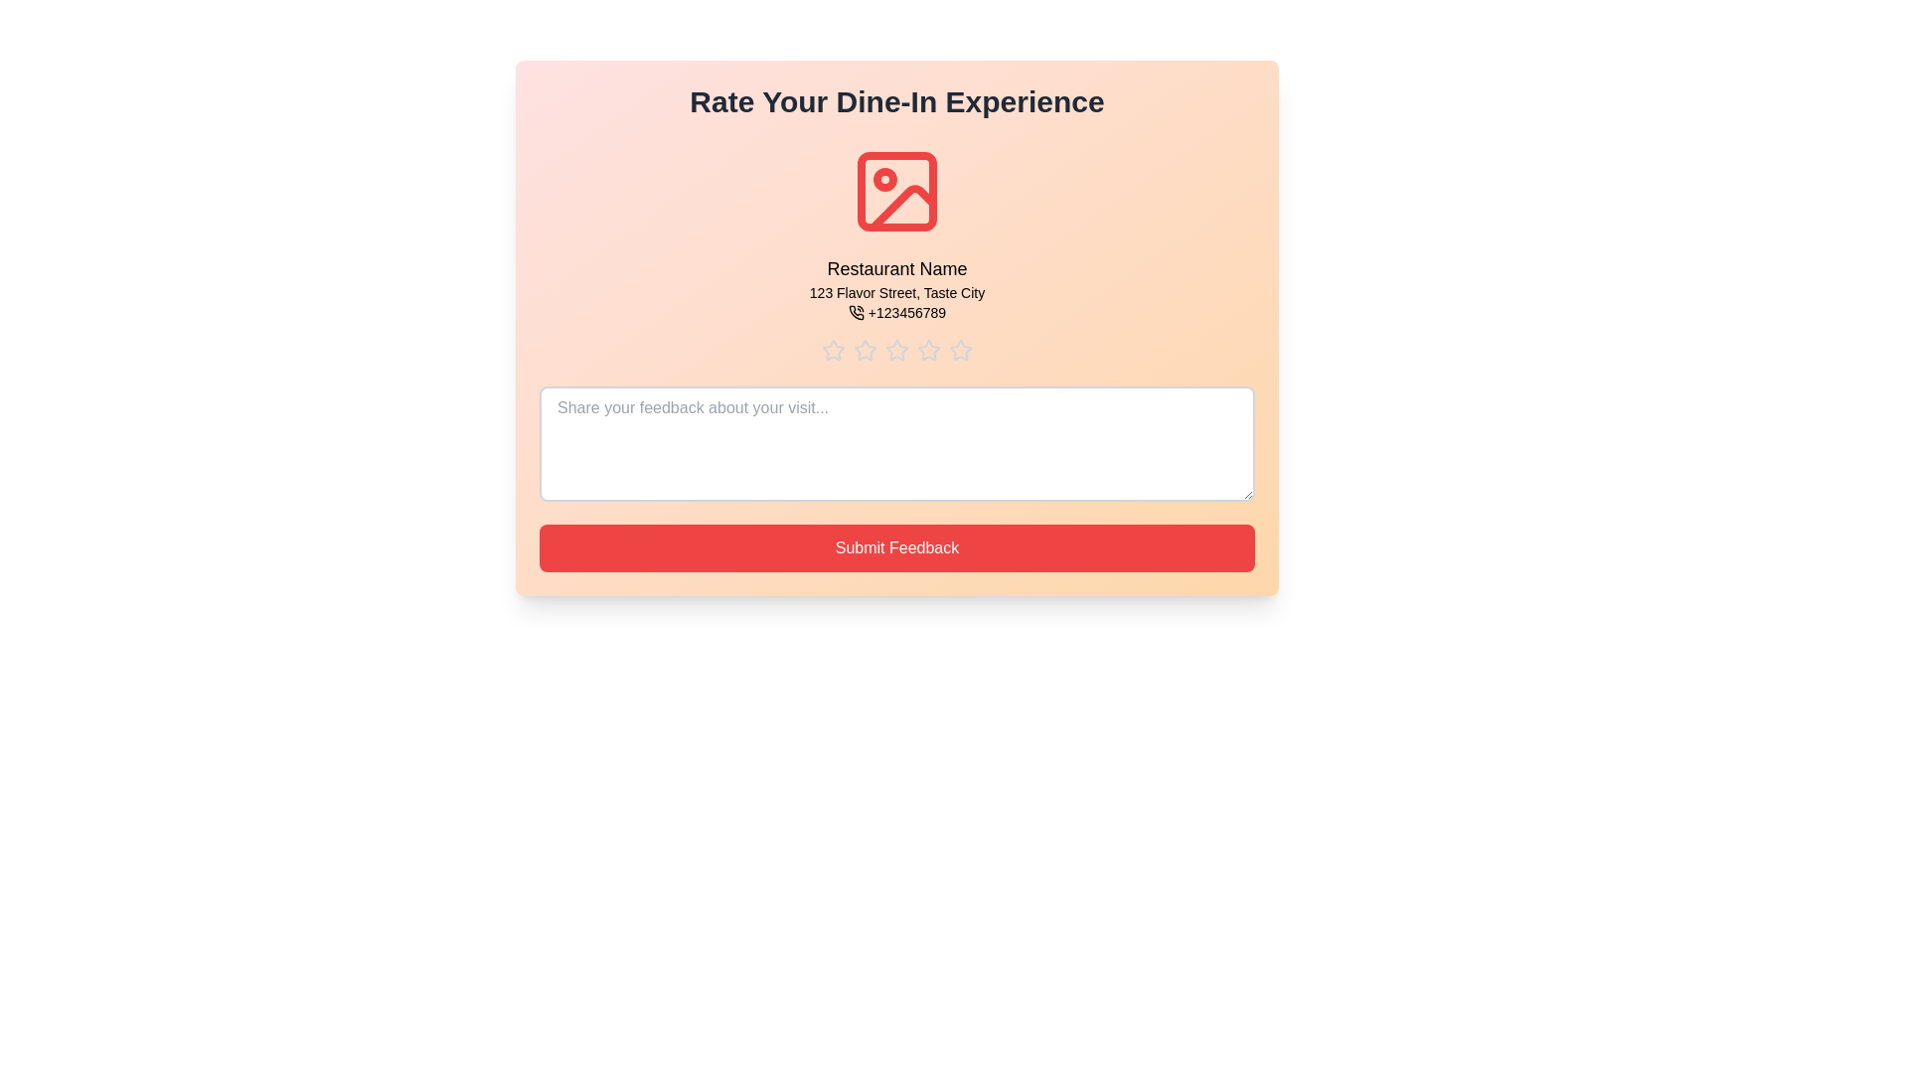  Describe the element at coordinates (895, 443) in the screenshot. I see `the text area and type the feedback text` at that location.